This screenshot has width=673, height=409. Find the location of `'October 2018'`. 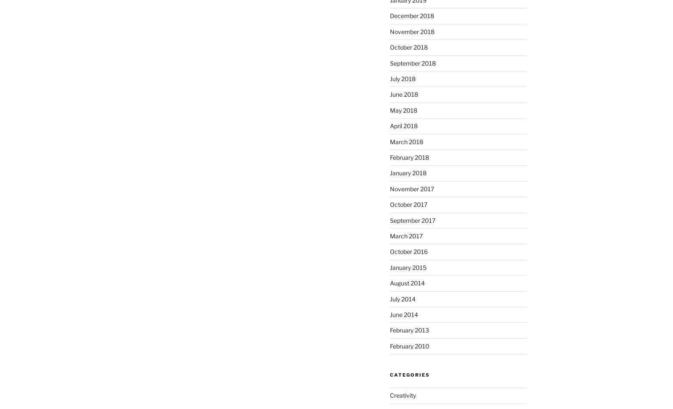

'October 2018' is located at coordinates (408, 47).